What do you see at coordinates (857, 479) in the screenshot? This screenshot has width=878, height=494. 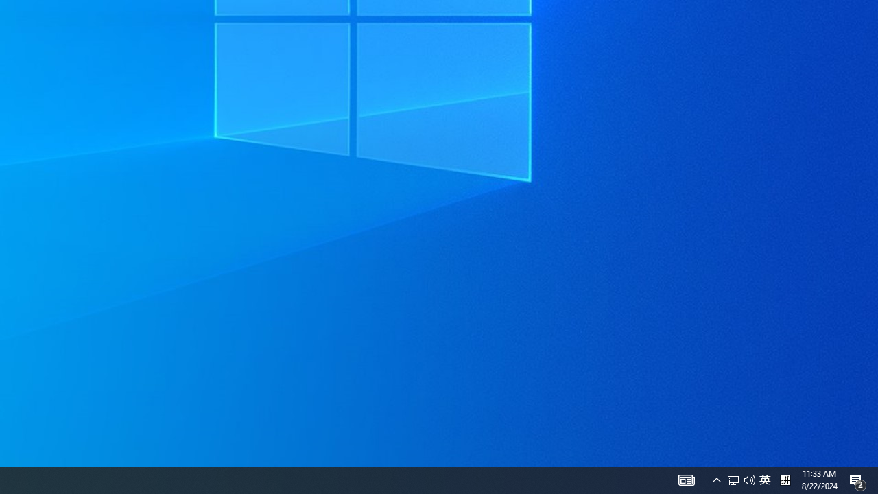 I see `'Show desktop'` at bounding box center [857, 479].